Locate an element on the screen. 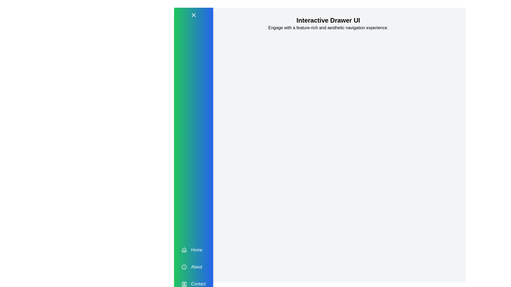 The image size is (511, 287). the 'About' menu item in the sidebar is located at coordinates (193, 267).